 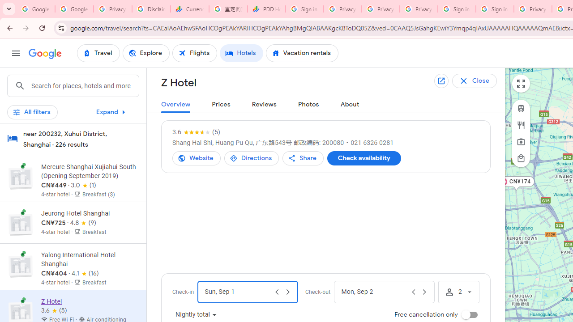 What do you see at coordinates (196, 157) in the screenshot?
I see `'Visit site for Z Hotel'` at bounding box center [196, 157].